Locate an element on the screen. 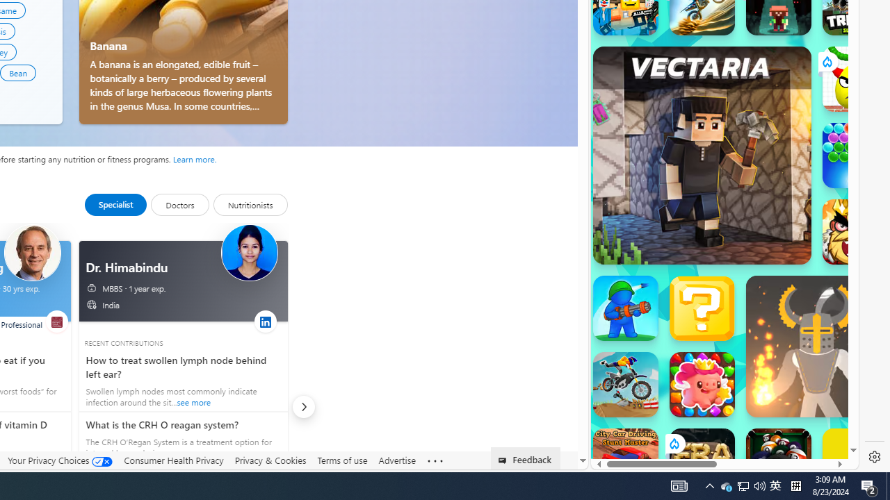 Image resolution: width=890 pixels, height=500 pixels. 'War Master' is located at coordinates (624, 307).